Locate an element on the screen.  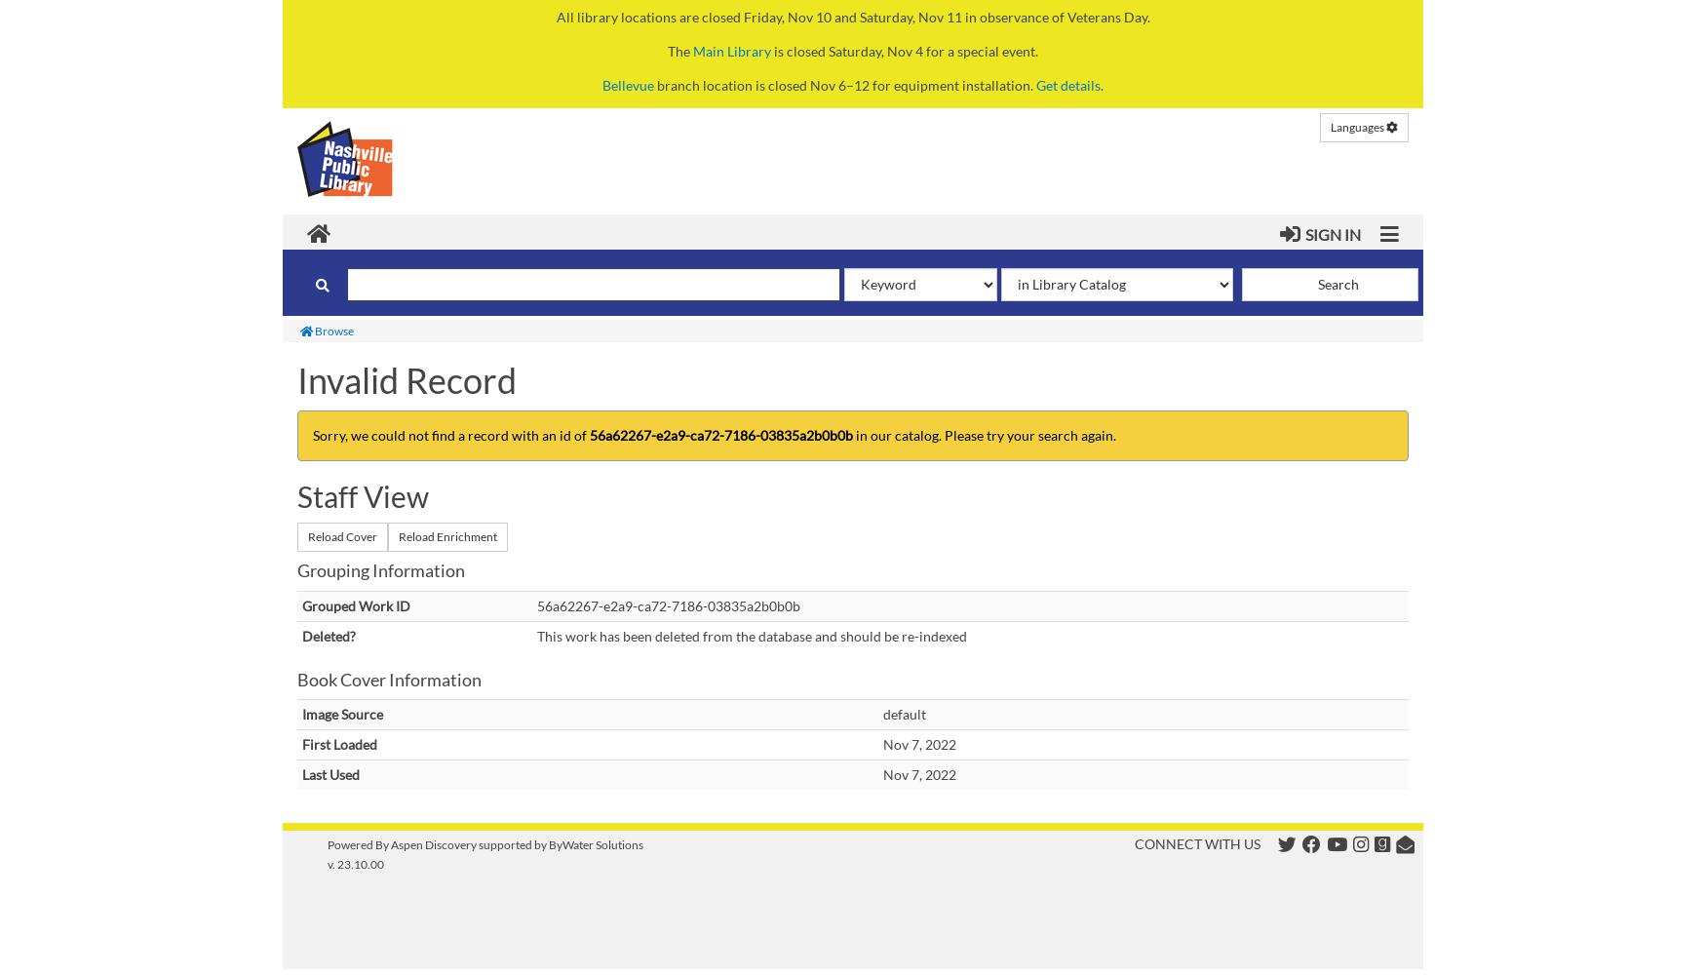
'v. 23.10.00' is located at coordinates (356, 864).